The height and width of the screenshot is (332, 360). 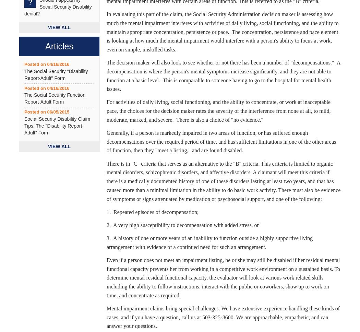 What do you see at coordinates (223, 75) in the screenshot?
I see `'The decision maker will also look to see whether or not there has been a number of "decompensations."  A decompensation is where the person's mental symptoms increase significantly, and they are not able to function at a basic level.  This is comparable to someone having to go to the hospital for mental health issues.'` at bounding box center [223, 75].